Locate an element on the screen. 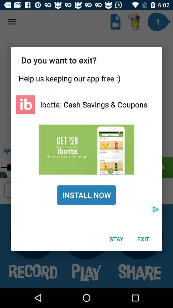 The image size is (173, 308). the icon next to exit item is located at coordinates (116, 239).